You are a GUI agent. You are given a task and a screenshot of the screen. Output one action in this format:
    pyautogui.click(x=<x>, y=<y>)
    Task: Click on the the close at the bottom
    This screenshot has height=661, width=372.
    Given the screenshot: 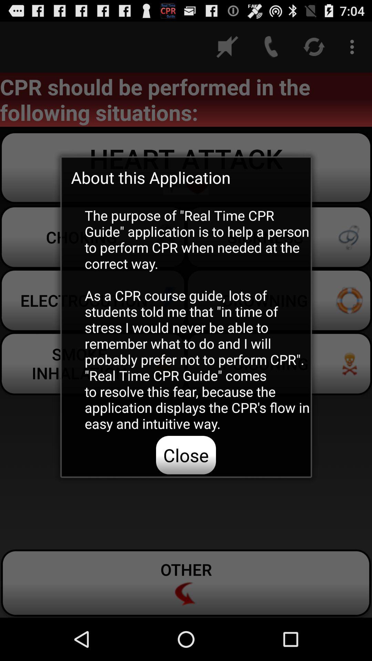 What is the action you would take?
    pyautogui.click(x=186, y=455)
    